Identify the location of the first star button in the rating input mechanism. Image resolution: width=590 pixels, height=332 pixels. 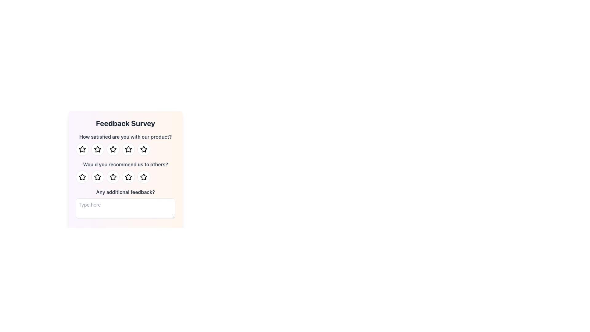
(82, 149).